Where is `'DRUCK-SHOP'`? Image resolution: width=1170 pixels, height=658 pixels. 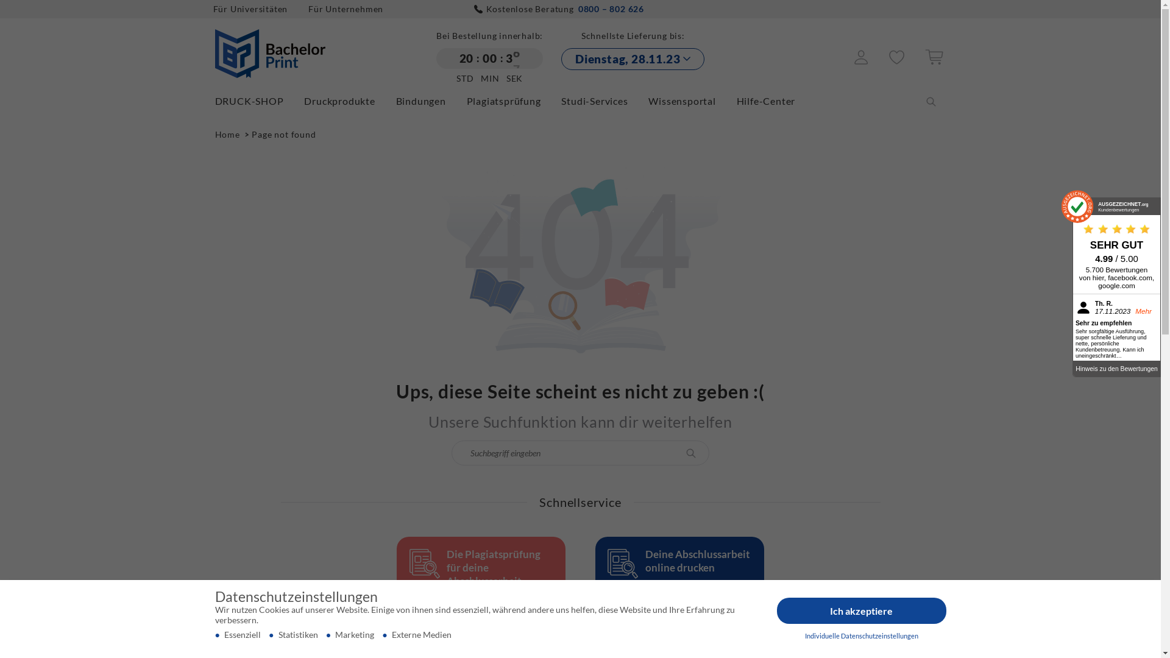 'DRUCK-SHOP' is located at coordinates (257, 100).